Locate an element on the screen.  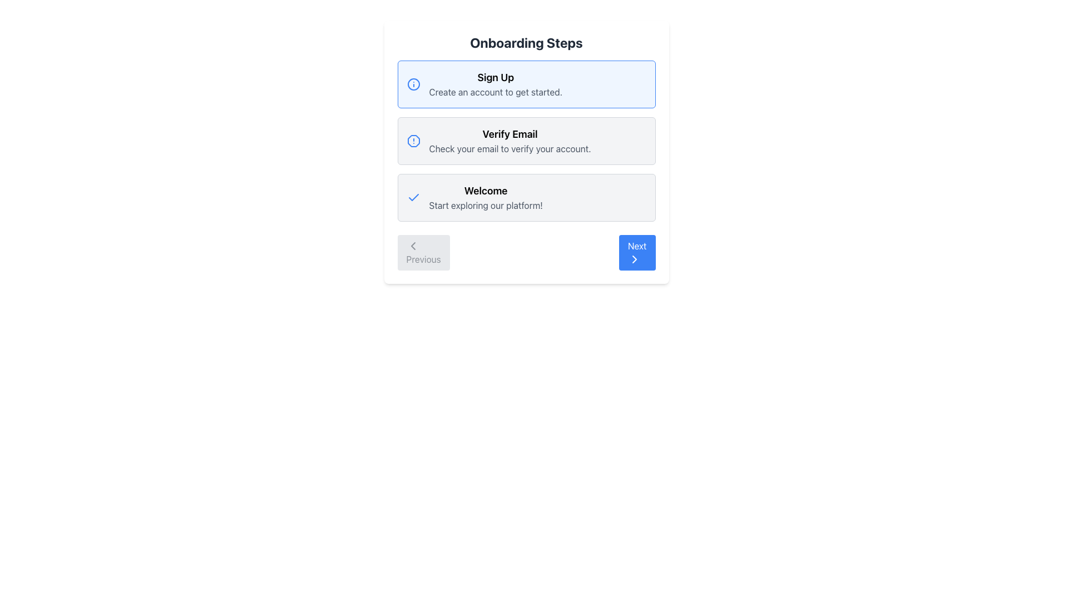
Information card titled 'Verify Email' which is the second card in the 'Onboarding Steps' section, featuring a blue icon and two lines of text is located at coordinates (526, 141).